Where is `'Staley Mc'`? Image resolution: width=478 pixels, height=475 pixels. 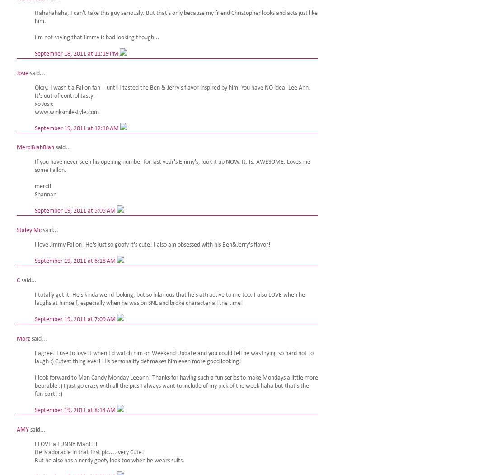
'Staley Mc' is located at coordinates (29, 230).